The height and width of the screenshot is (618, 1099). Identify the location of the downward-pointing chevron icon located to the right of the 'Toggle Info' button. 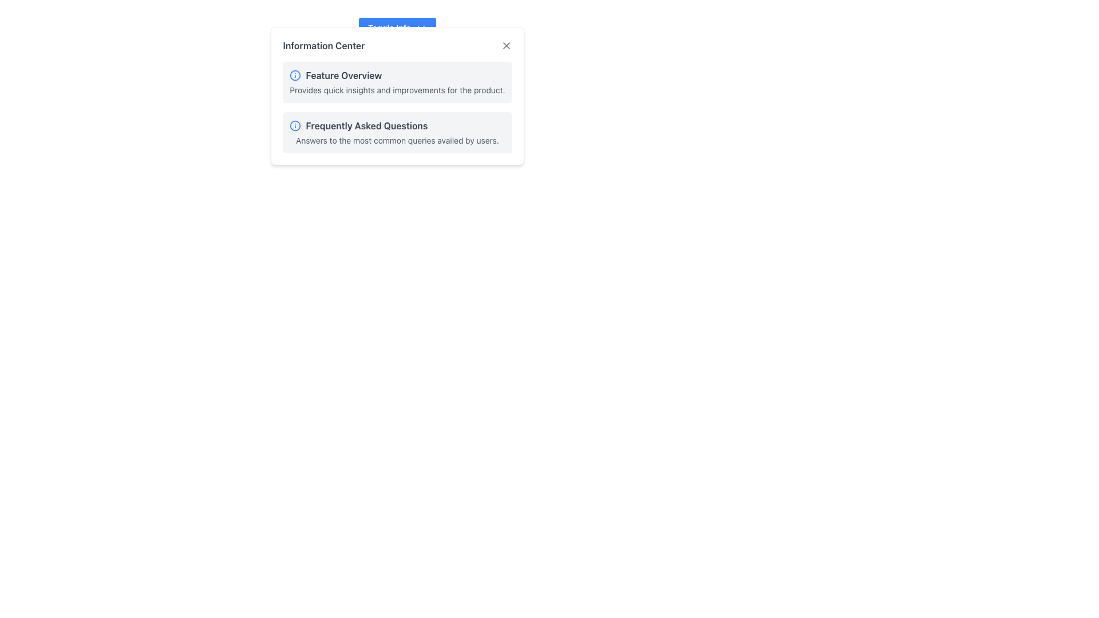
(420, 27).